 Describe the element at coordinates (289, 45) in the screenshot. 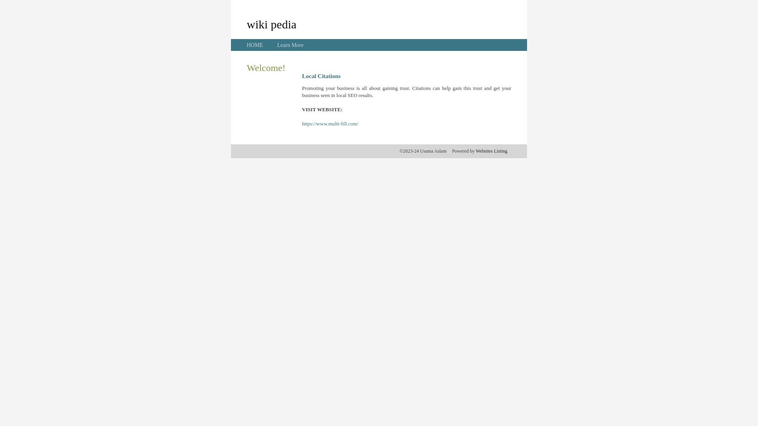

I see `'Learn More'` at that location.